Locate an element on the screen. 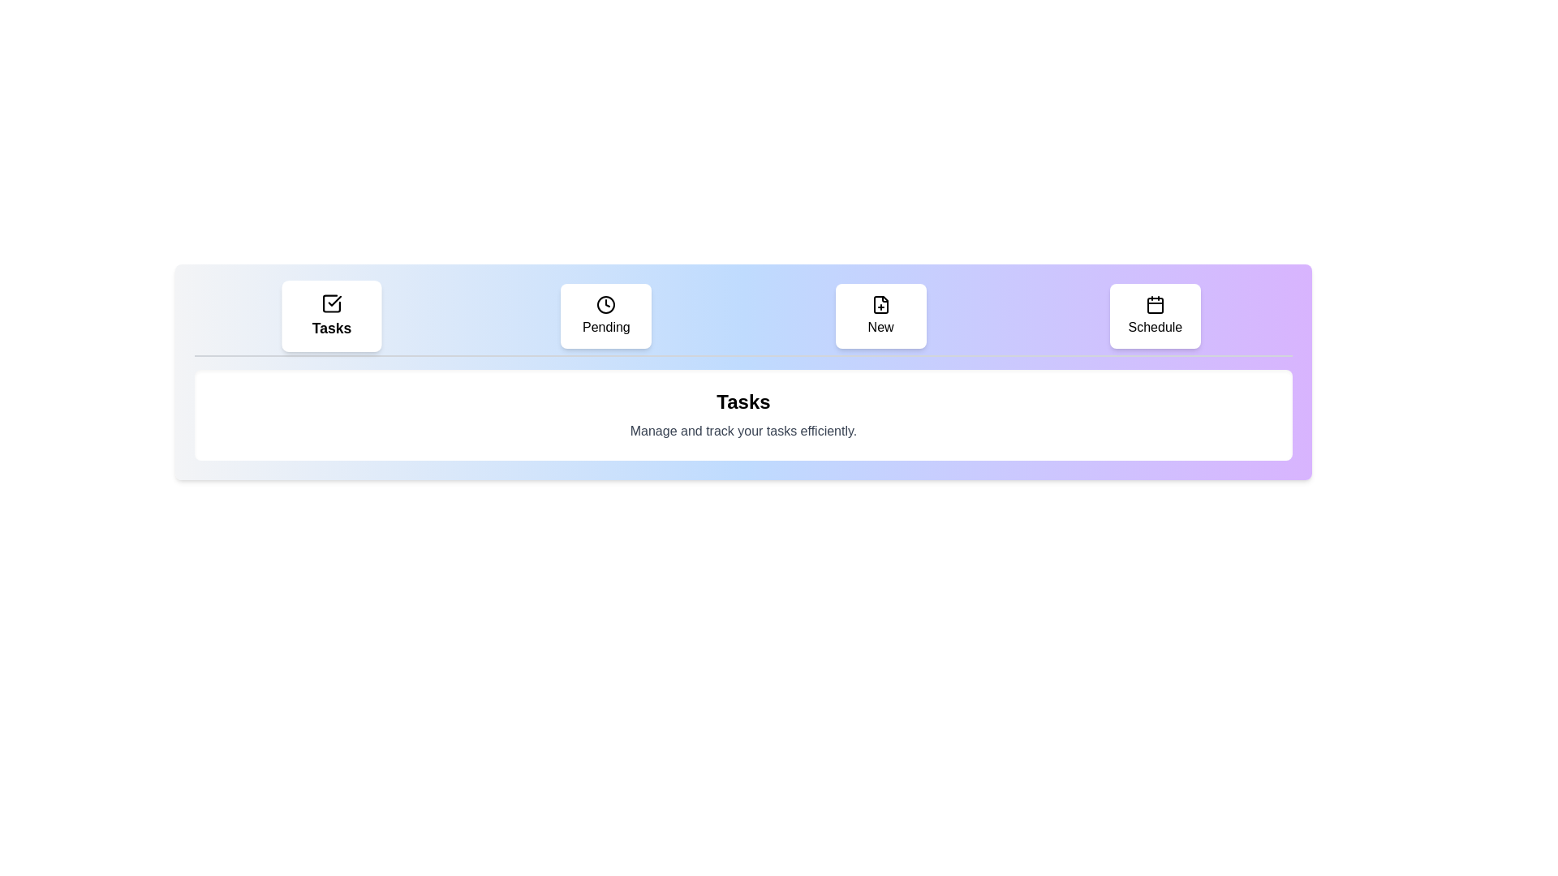  the tab labeled New to select it is located at coordinates (879, 316).